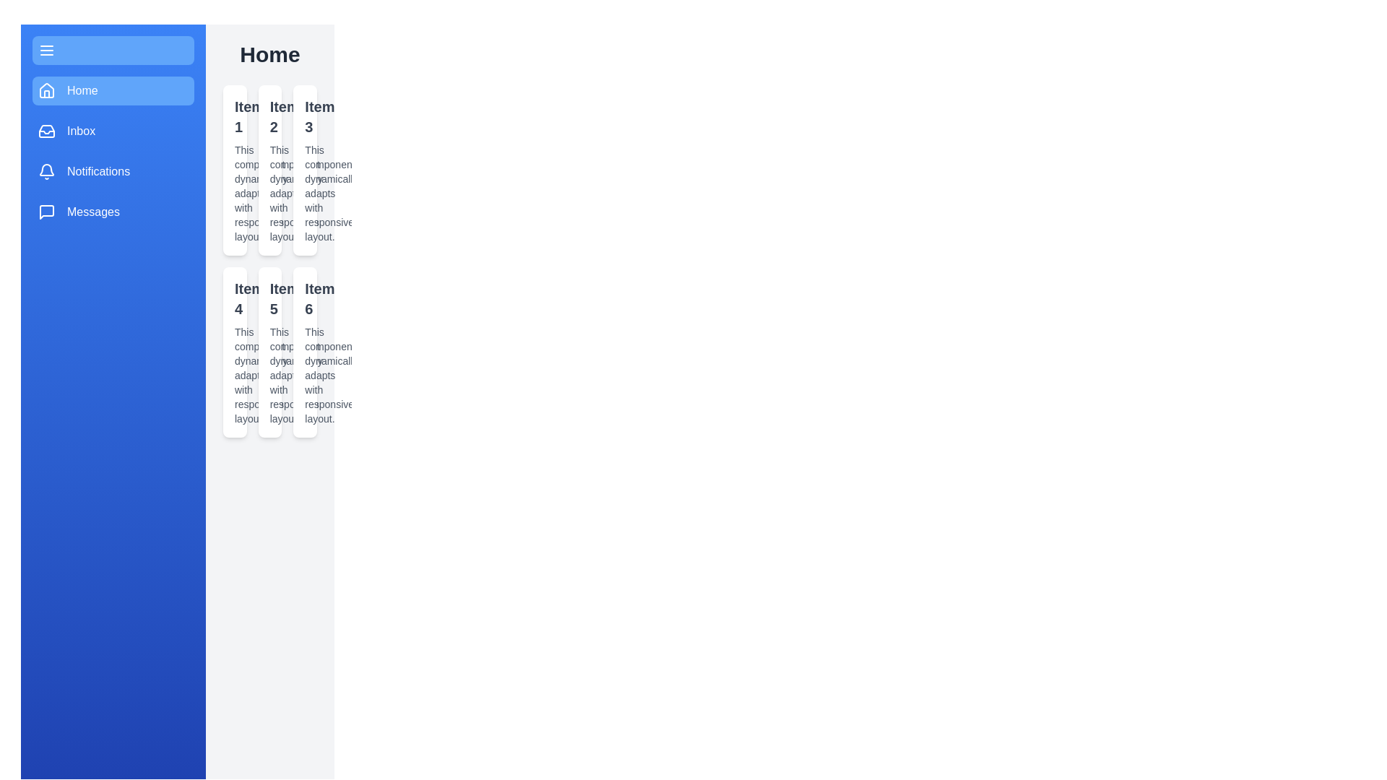  What do you see at coordinates (113, 131) in the screenshot?
I see `the inbox button located in the vertical navigation menu, which is positioned below the 'Home' button and above the 'Notifications' button` at bounding box center [113, 131].